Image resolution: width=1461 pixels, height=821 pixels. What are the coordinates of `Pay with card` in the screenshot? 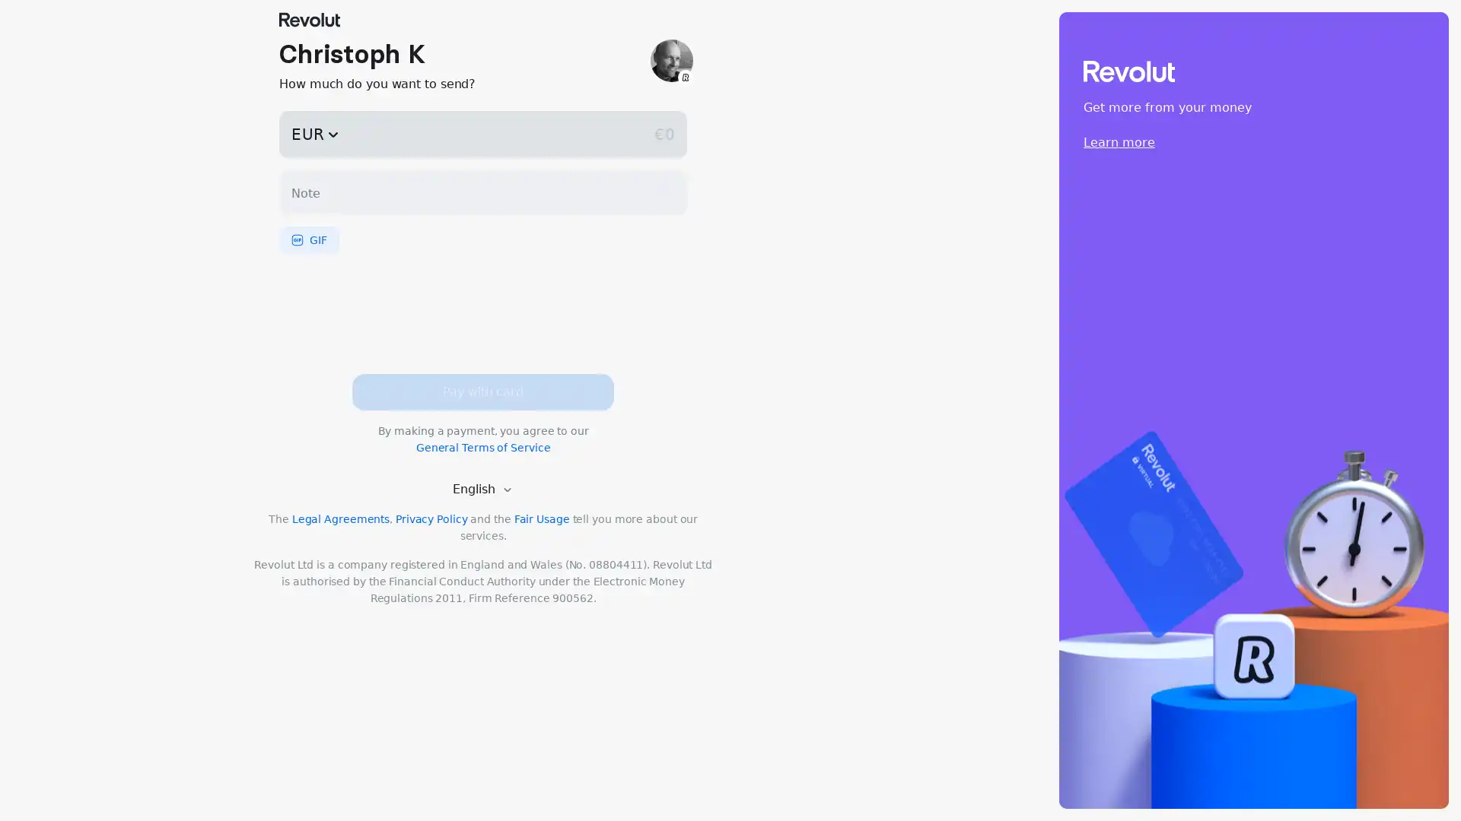 It's located at (482, 391).